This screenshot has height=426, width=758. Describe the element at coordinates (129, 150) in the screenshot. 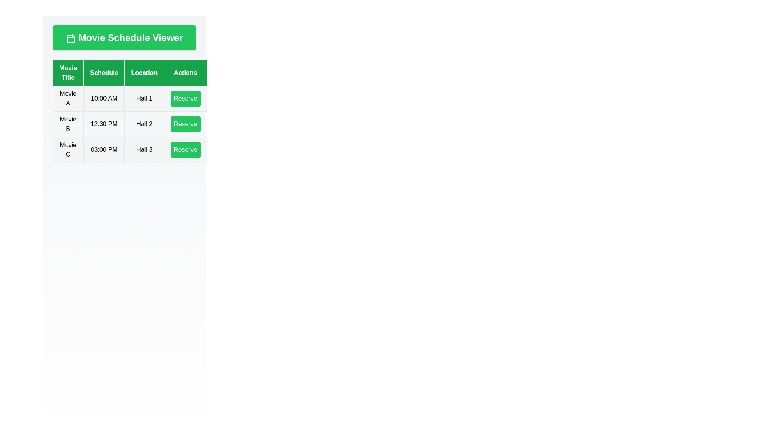

I see `the row corresponding to Movie C` at that location.